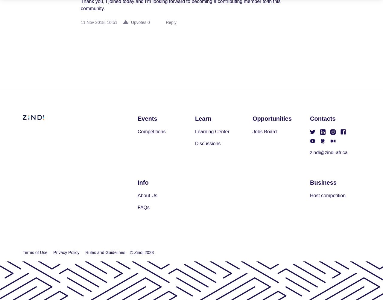 This screenshot has width=383, height=300. I want to click on 'Info', so click(142, 183).